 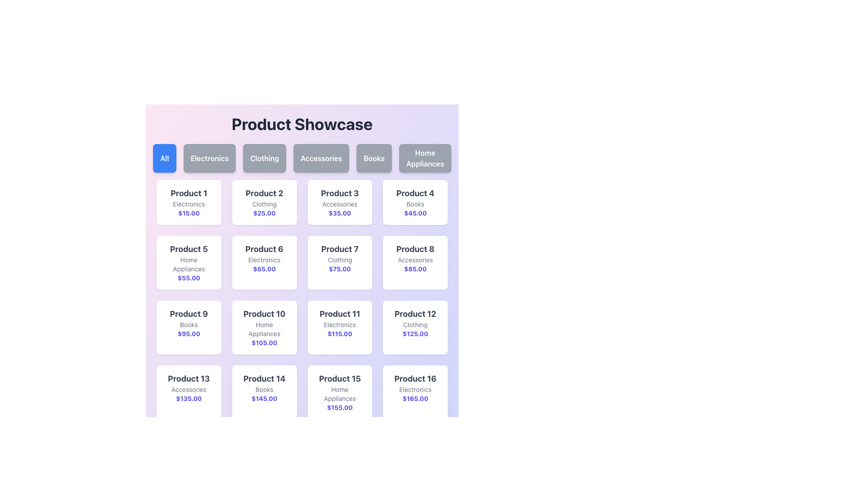 I want to click on the static text label that states 'Electronics', which is positioned below 'Product 1' and above the price '$15.00' in the Product 1 card, so click(x=188, y=204).